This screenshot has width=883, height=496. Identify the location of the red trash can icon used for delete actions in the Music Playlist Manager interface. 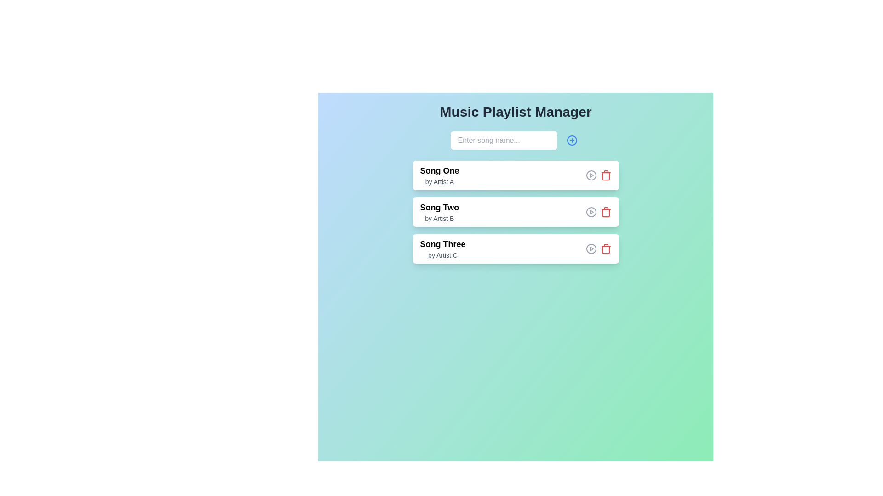
(606, 175).